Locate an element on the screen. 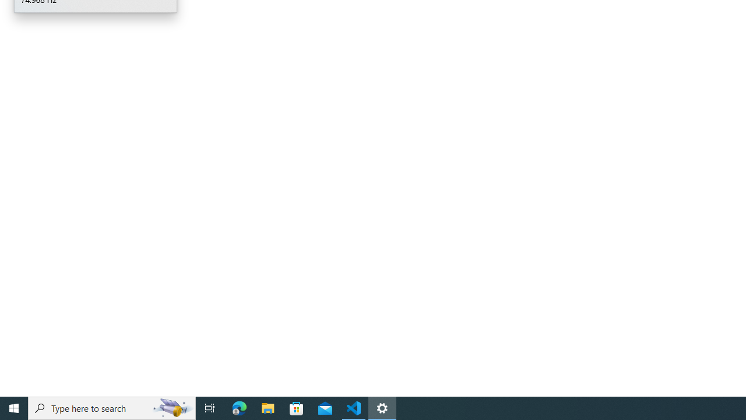  'Microsoft Store' is located at coordinates (297, 407).